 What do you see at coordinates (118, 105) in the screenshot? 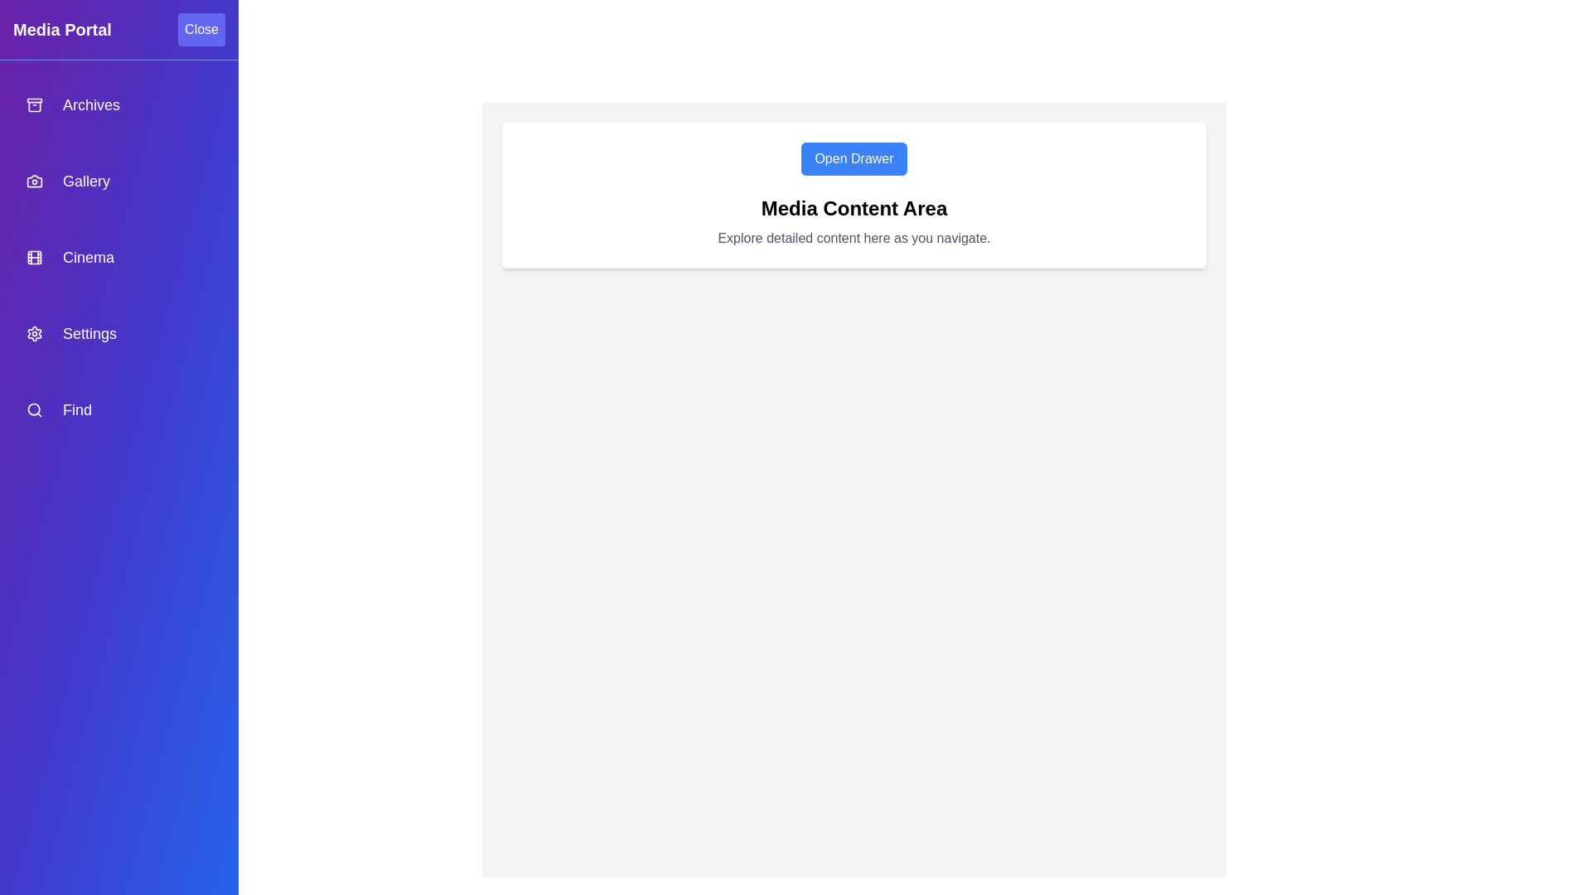
I see `the navigation item labeled Archives` at bounding box center [118, 105].